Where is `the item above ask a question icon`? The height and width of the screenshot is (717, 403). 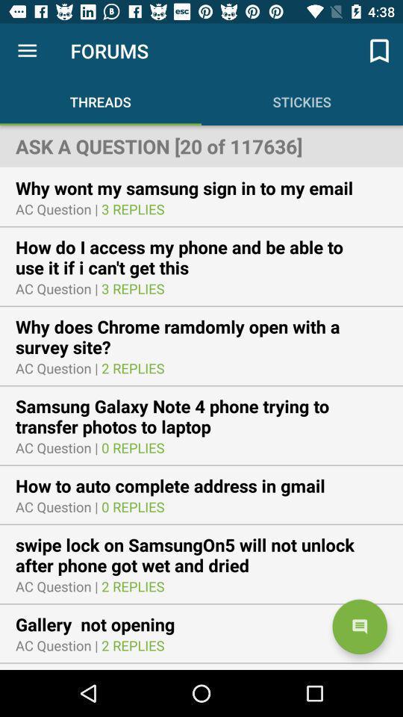
the item above ask a question icon is located at coordinates (379, 51).